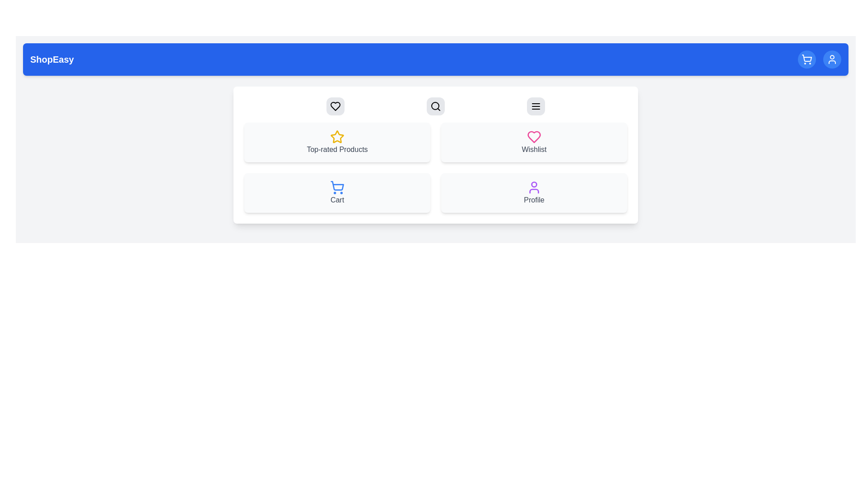 The width and height of the screenshot is (867, 487). Describe the element at coordinates (337, 187) in the screenshot. I see `the shopping cart icon located in the lower-left part of the four-button panel` at that location.